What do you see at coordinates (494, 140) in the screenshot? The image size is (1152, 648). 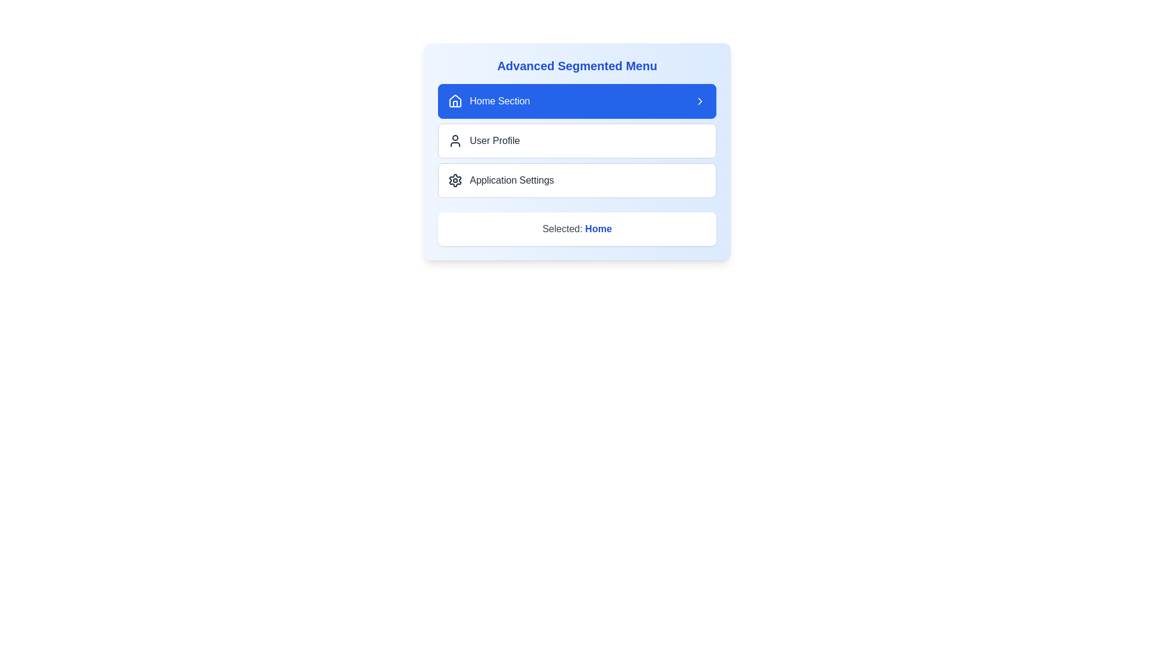 I see `text on the 'User Profile' label located in the second row of the vertical segmented menu, positioned to the right of the user avatar icon` at bounding box center [494, 140].